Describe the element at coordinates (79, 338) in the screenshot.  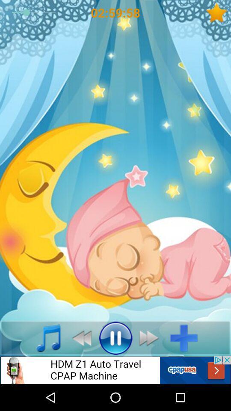
I see `rewind option` at that location.